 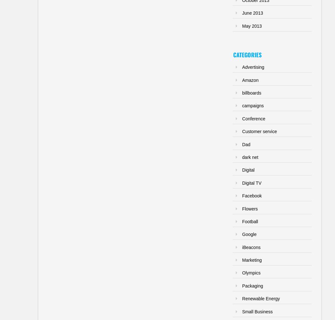 What do you see at coordinates (248, 169) in the screenshot?
I see `'Digital'` at bounding box center [248, 169].